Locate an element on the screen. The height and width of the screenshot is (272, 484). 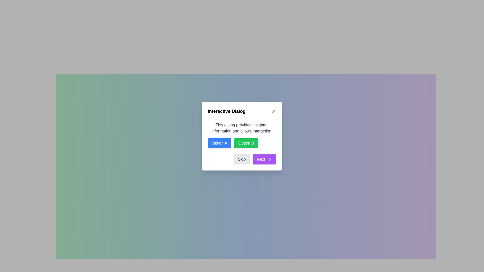
the 'Option B' button located within the interactive dialog box under the header 'Interactive Dialog', which is positioned above the 'Skip' and 'Next' buttons is located at coordinates (242, 135).